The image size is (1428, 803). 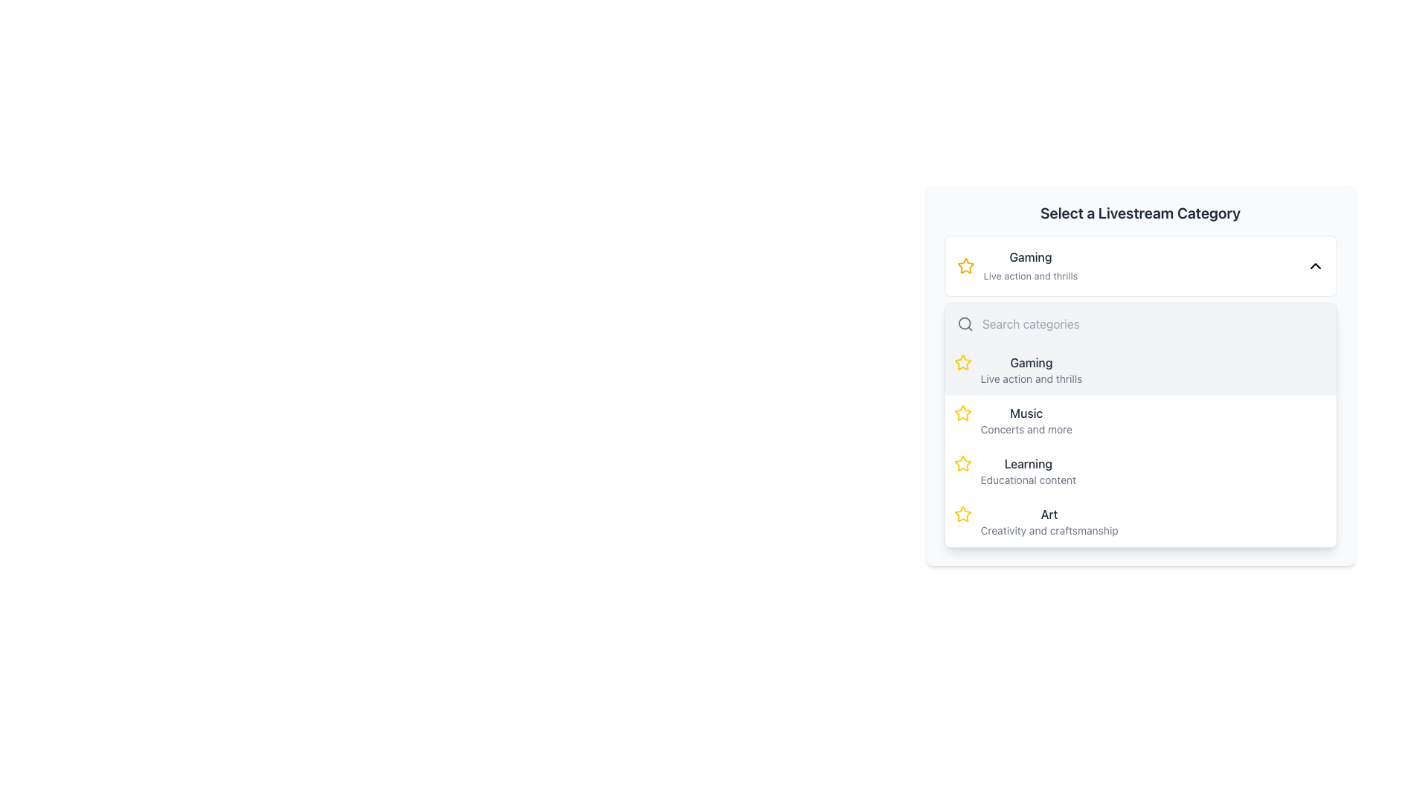 What do you see at coordinates (1049, 513) in the screenshot?
I see `the text label that identifies the 'Art' category in the modal dialogue titled 'Select a Livestream Category'` at bounding box center [1049, 513].